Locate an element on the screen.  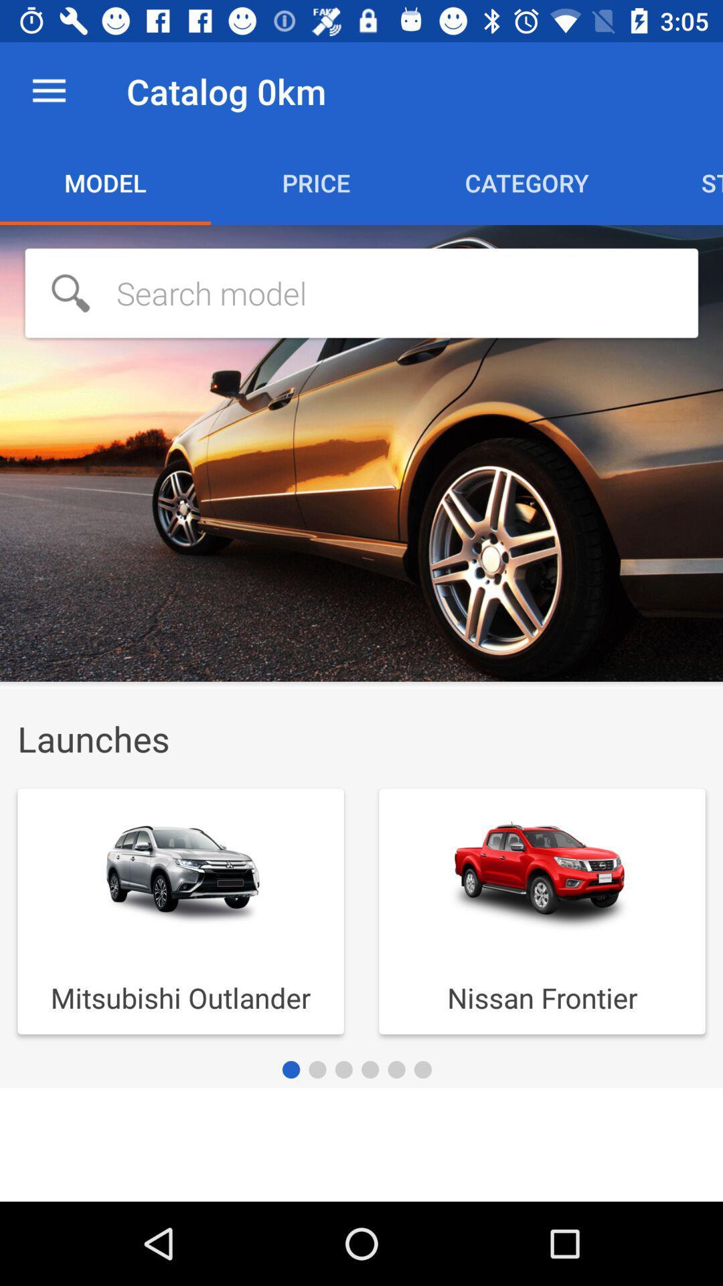
item below model icon is located at coordinates (361, 292).